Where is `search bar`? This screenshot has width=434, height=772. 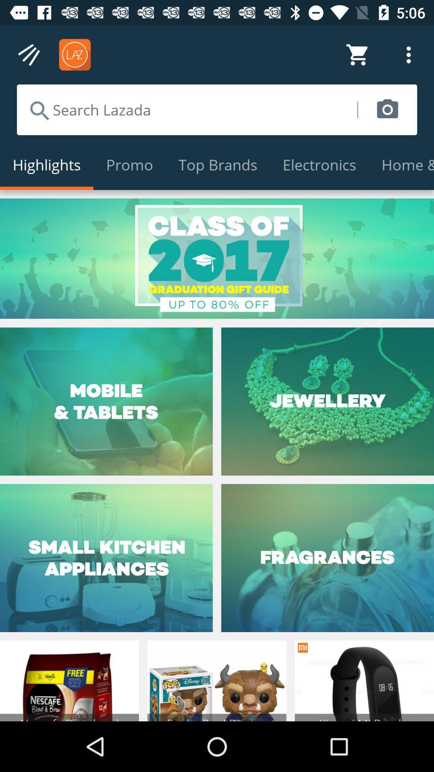
search bar is located at coordinates (187, 109).